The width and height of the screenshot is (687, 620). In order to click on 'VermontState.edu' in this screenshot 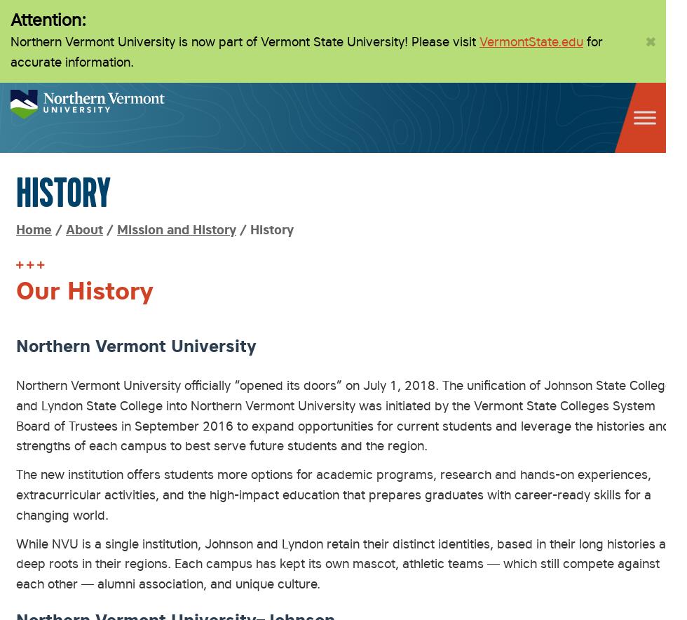, I will do `click(531, 40)`.